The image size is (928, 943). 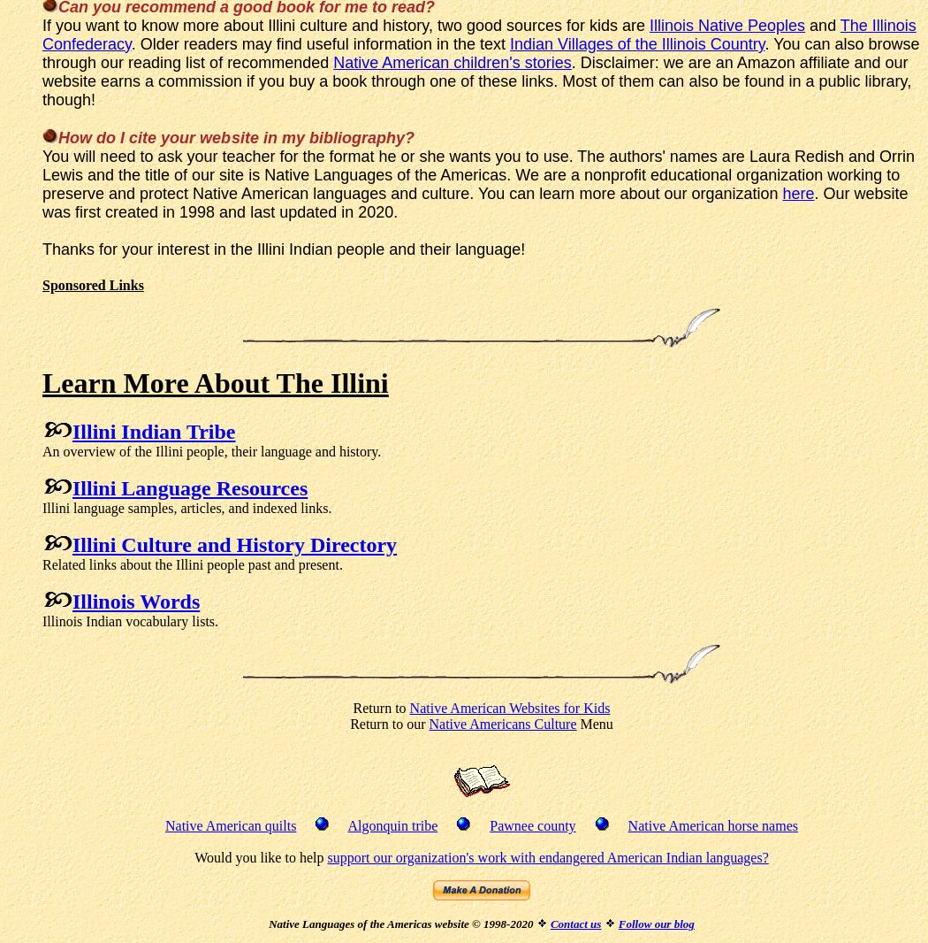 I want to click on 'here', so click(x=798, y=191).